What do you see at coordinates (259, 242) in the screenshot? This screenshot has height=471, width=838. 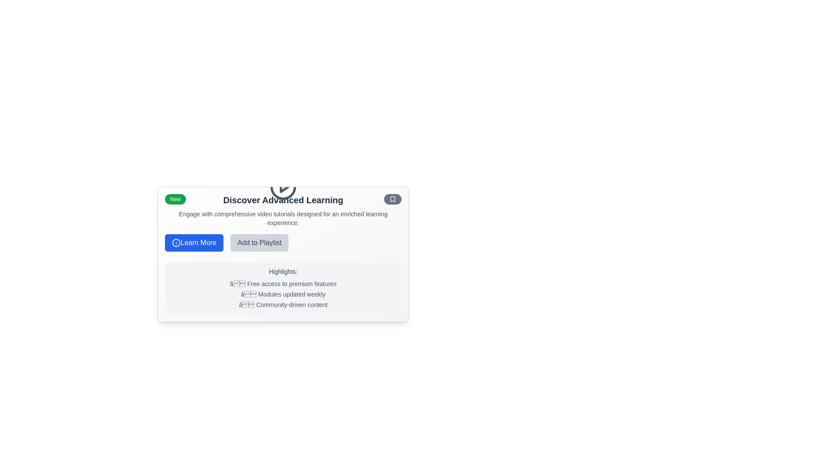 I see `the 'Add to Playlist' button, which is a rectangular button with a gray background and slightly rounded corners, located to the right of the 'Learn More' button` at bounding box center [259, 242].